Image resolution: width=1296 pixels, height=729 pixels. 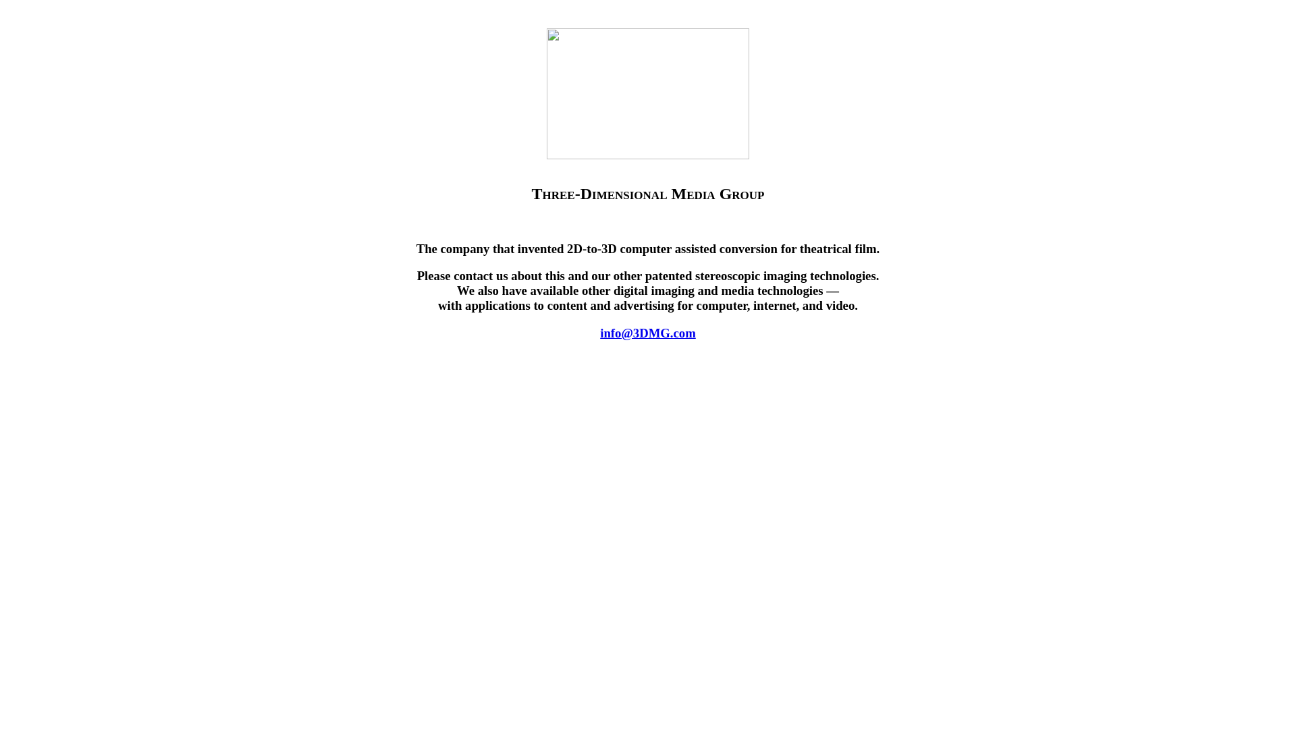 What do you see at coordinates (648, 333) in the screenshot?
I see `'info@3DMG.com'` at bounding box center [648, 333].